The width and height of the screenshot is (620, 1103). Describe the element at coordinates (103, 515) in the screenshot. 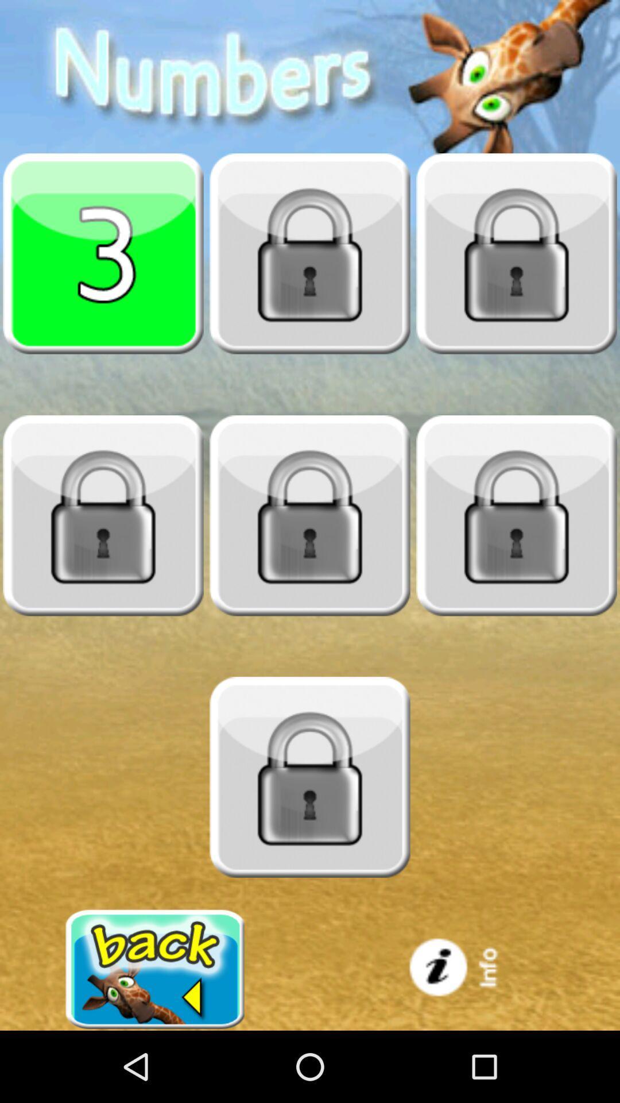

I see `unlock` at that location.